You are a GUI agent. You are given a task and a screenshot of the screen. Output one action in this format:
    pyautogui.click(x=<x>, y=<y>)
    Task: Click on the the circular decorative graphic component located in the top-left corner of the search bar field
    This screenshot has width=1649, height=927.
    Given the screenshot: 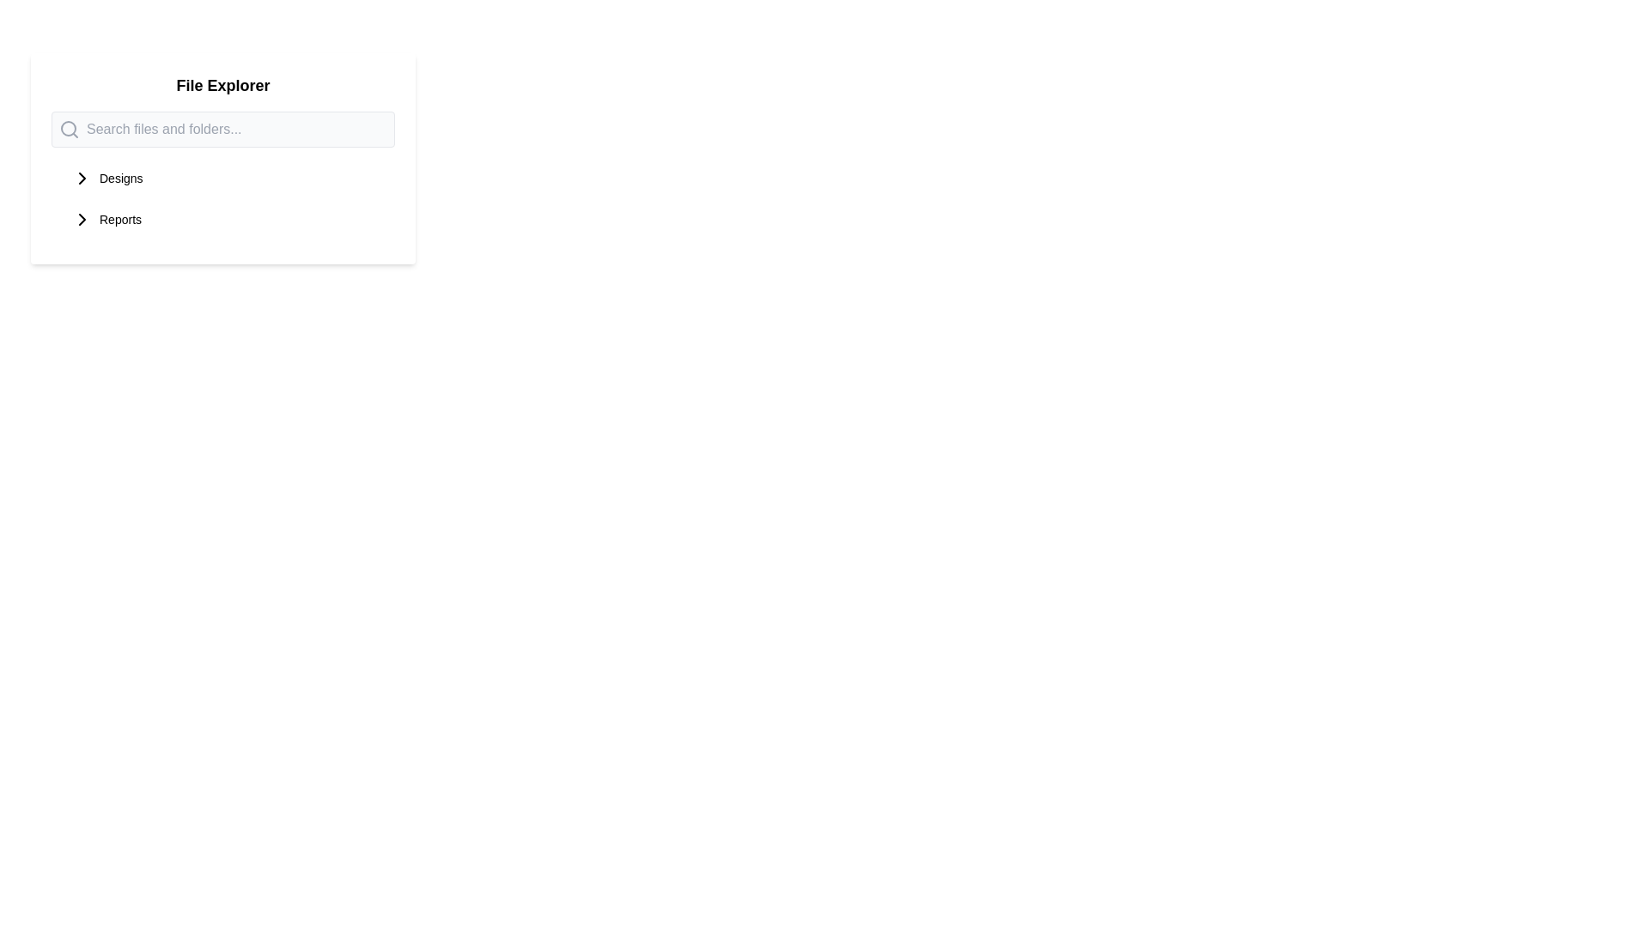 What is the action you would take?
    pyautogui.click(x=69, y=128)
    